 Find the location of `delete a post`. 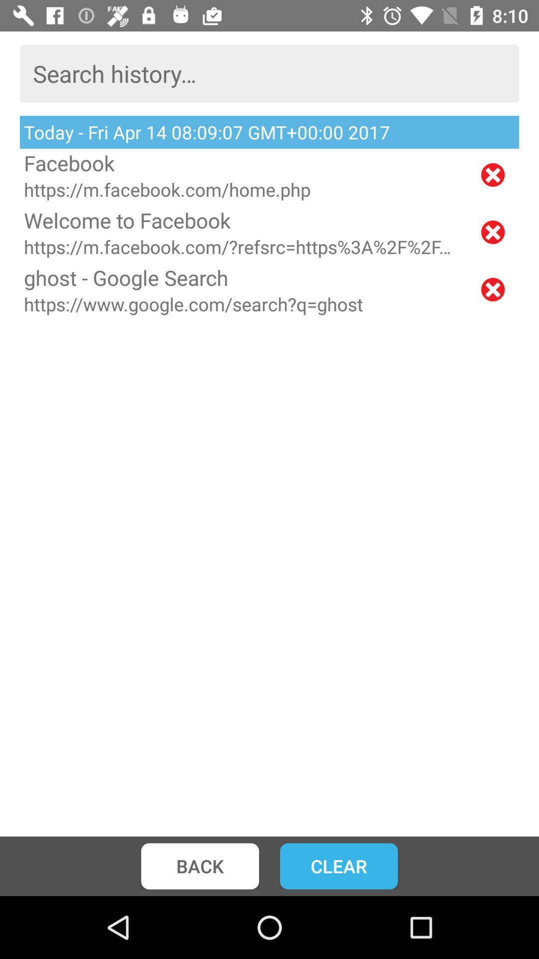

delete a post is located at coordinates (492, 289).